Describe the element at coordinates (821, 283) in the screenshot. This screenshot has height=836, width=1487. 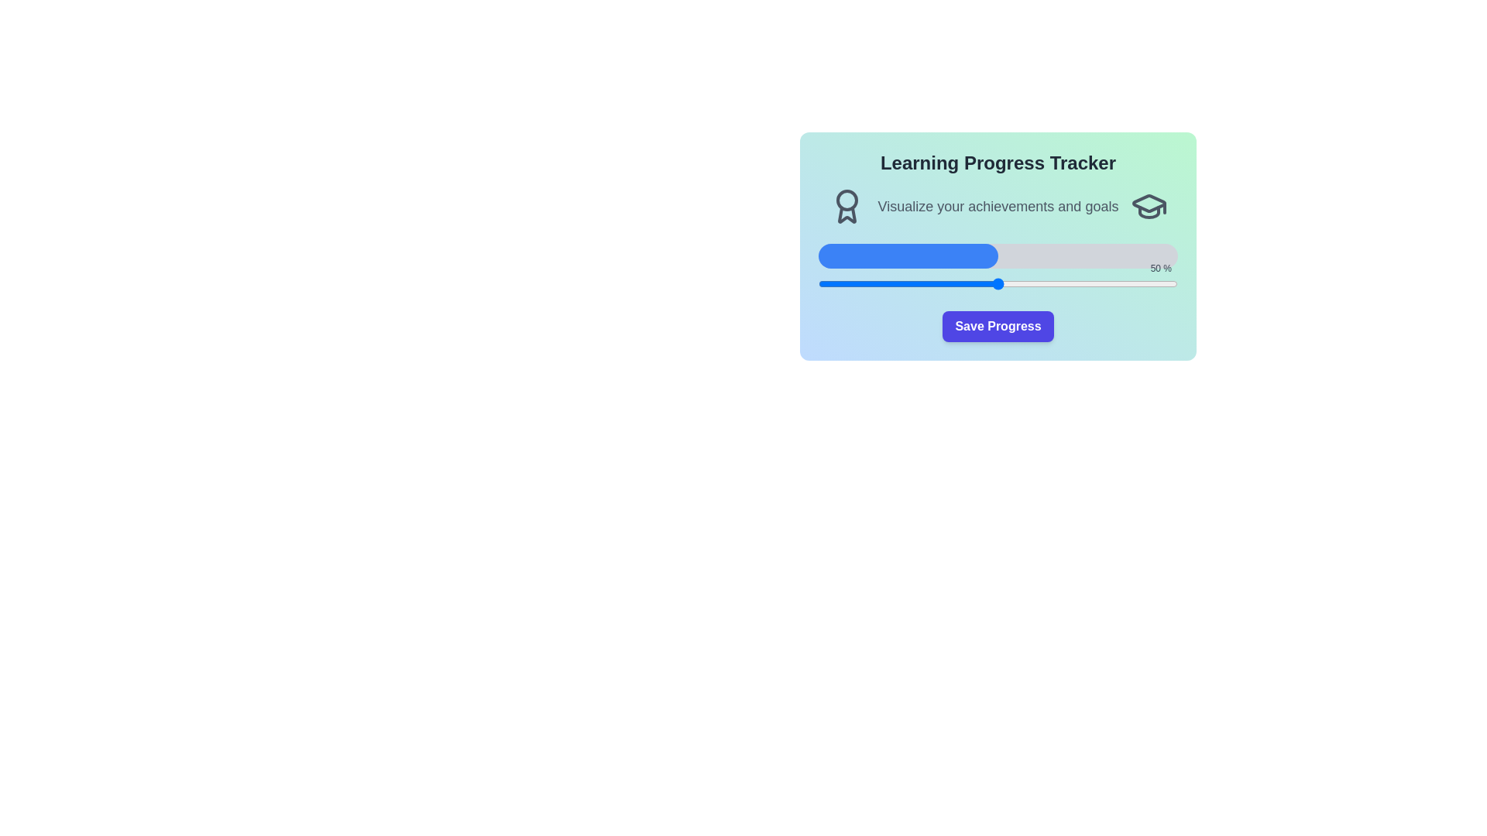
I see `the progress slider to 1%` at that location.